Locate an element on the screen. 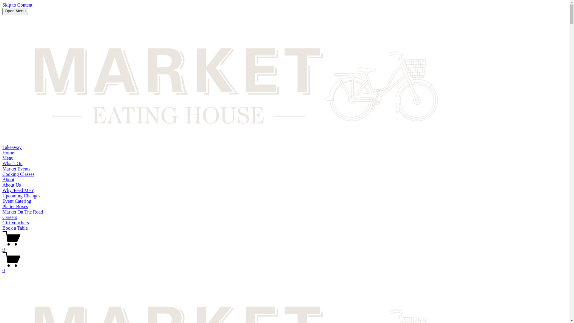 This screenshot has height=323, width=574. '0' is located at coordinates (284, 247).